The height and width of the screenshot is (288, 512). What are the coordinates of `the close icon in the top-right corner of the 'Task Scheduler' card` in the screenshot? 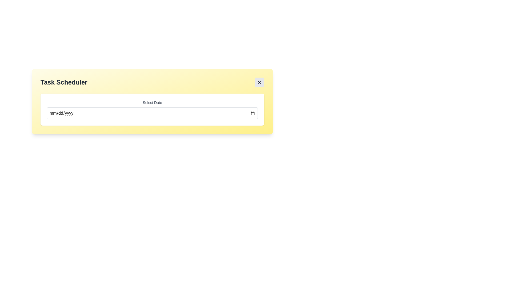 It's located at (259, 82).